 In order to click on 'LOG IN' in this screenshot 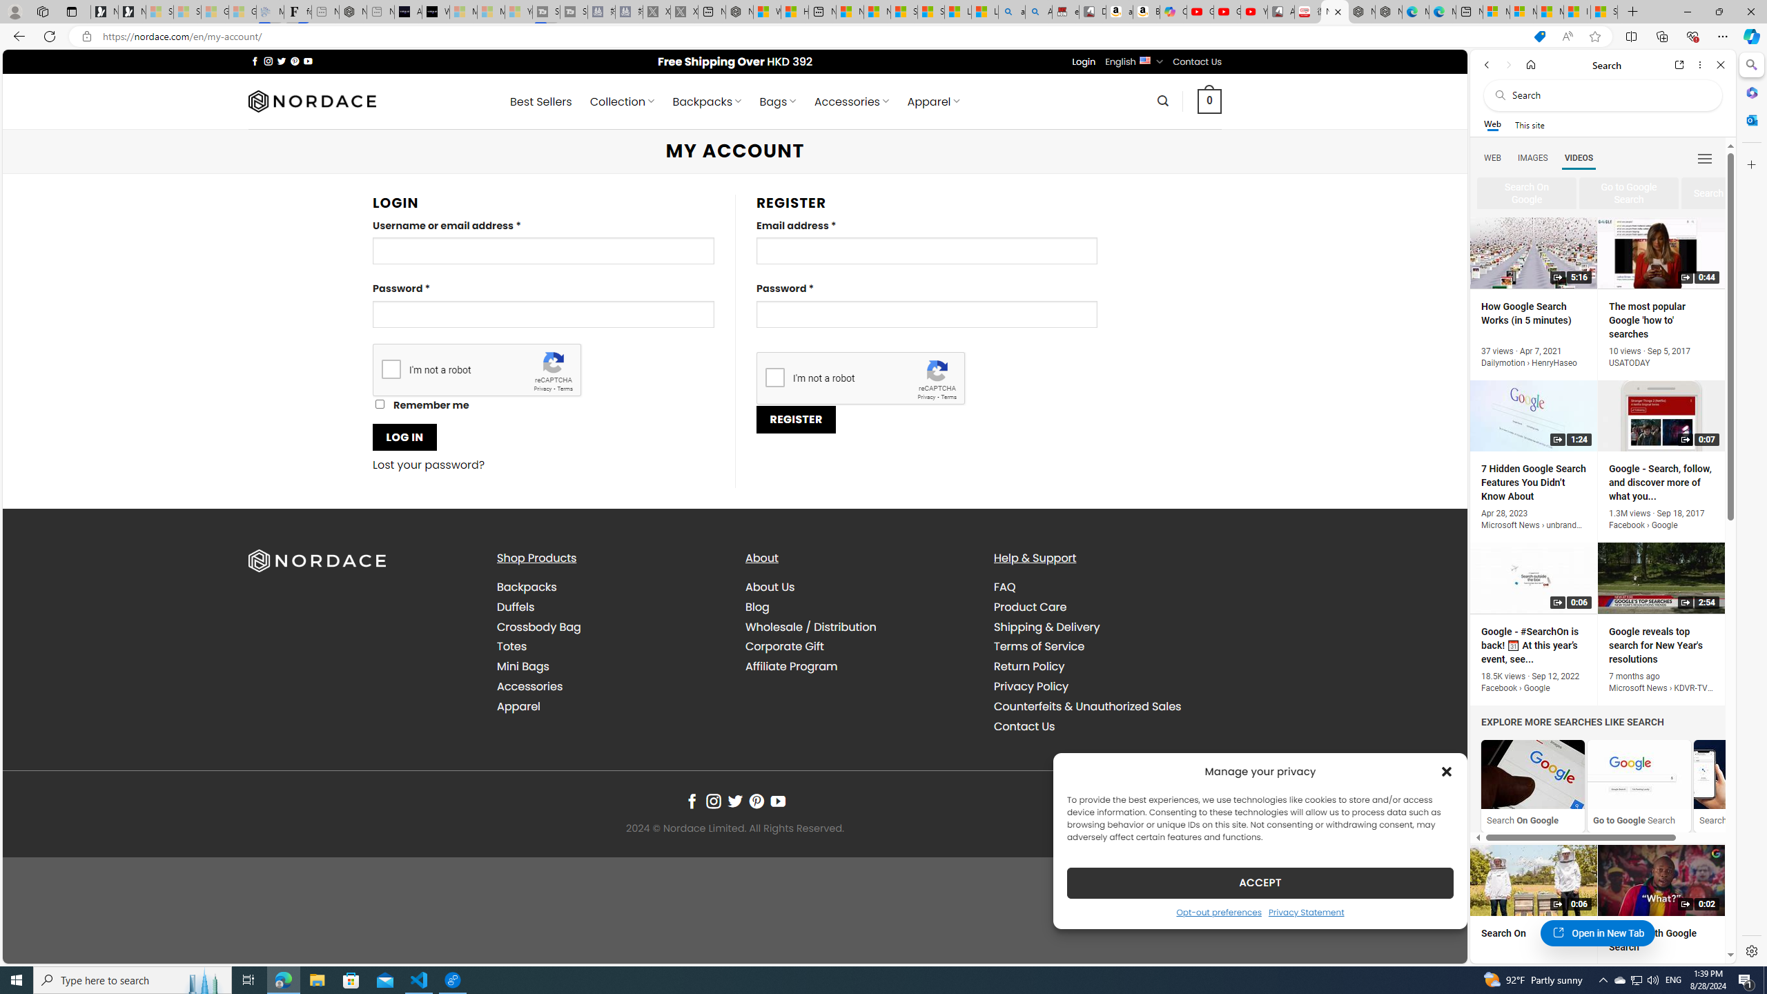, I will do `click(404, 436)`.